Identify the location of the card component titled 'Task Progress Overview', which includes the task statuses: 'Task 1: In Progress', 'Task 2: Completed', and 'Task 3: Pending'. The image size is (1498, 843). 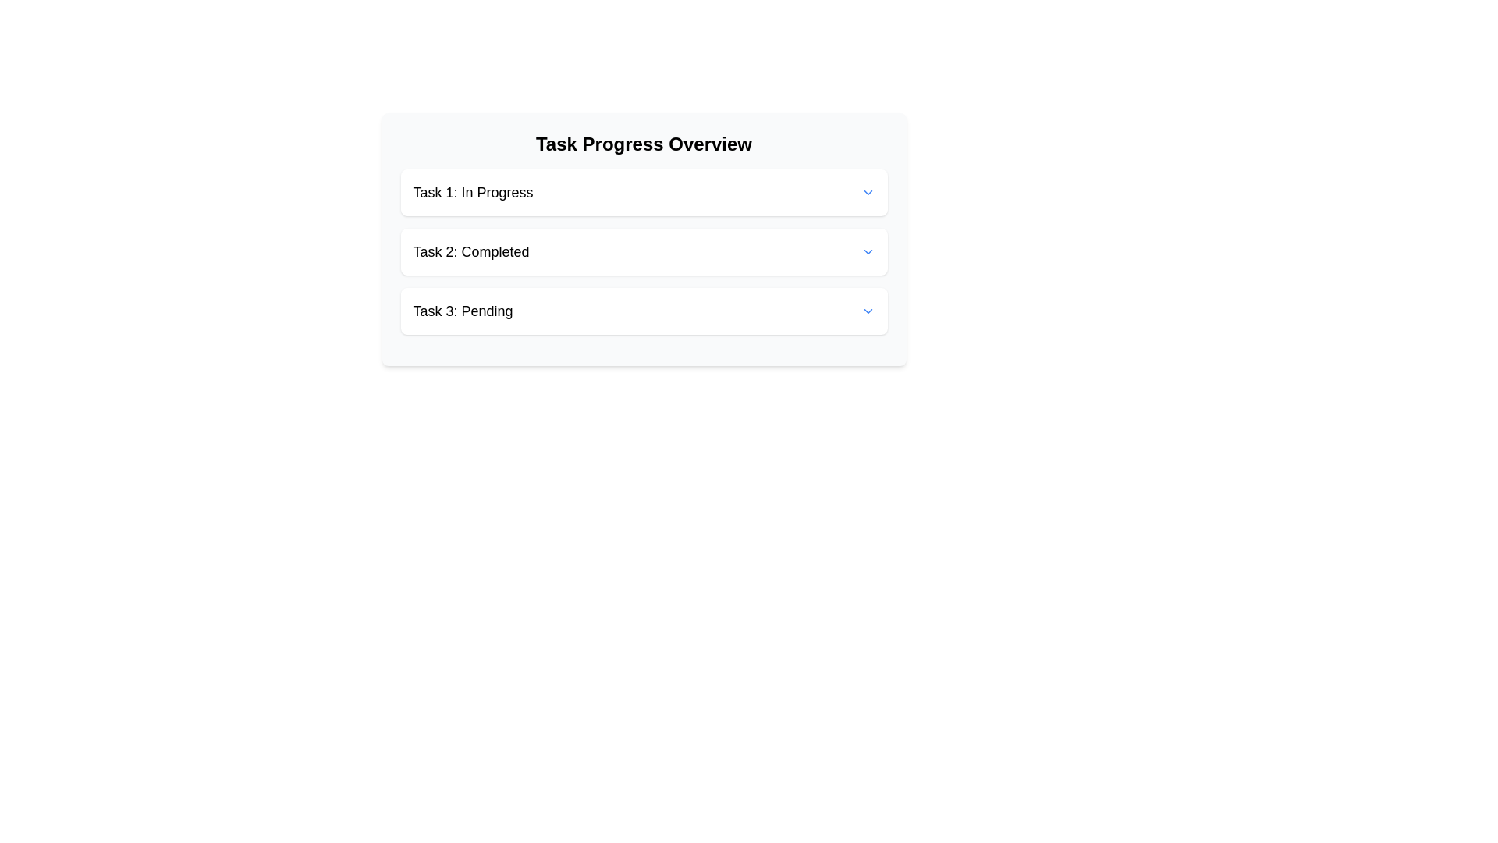
(644, 240).